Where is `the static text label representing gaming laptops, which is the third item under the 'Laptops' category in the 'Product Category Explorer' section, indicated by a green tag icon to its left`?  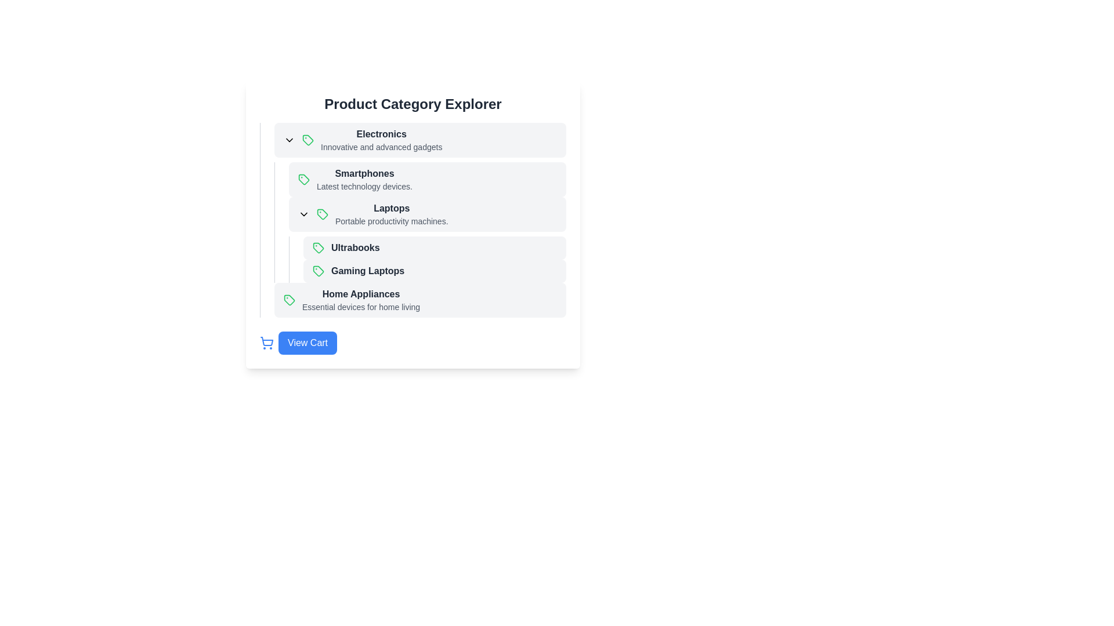
the static text label representing gaming laptops, which is the third item under the 'Laptops' category in the 'Product Category Explorer' section, indicated by a green tag icon to its left is located at coordinates (367, 271).